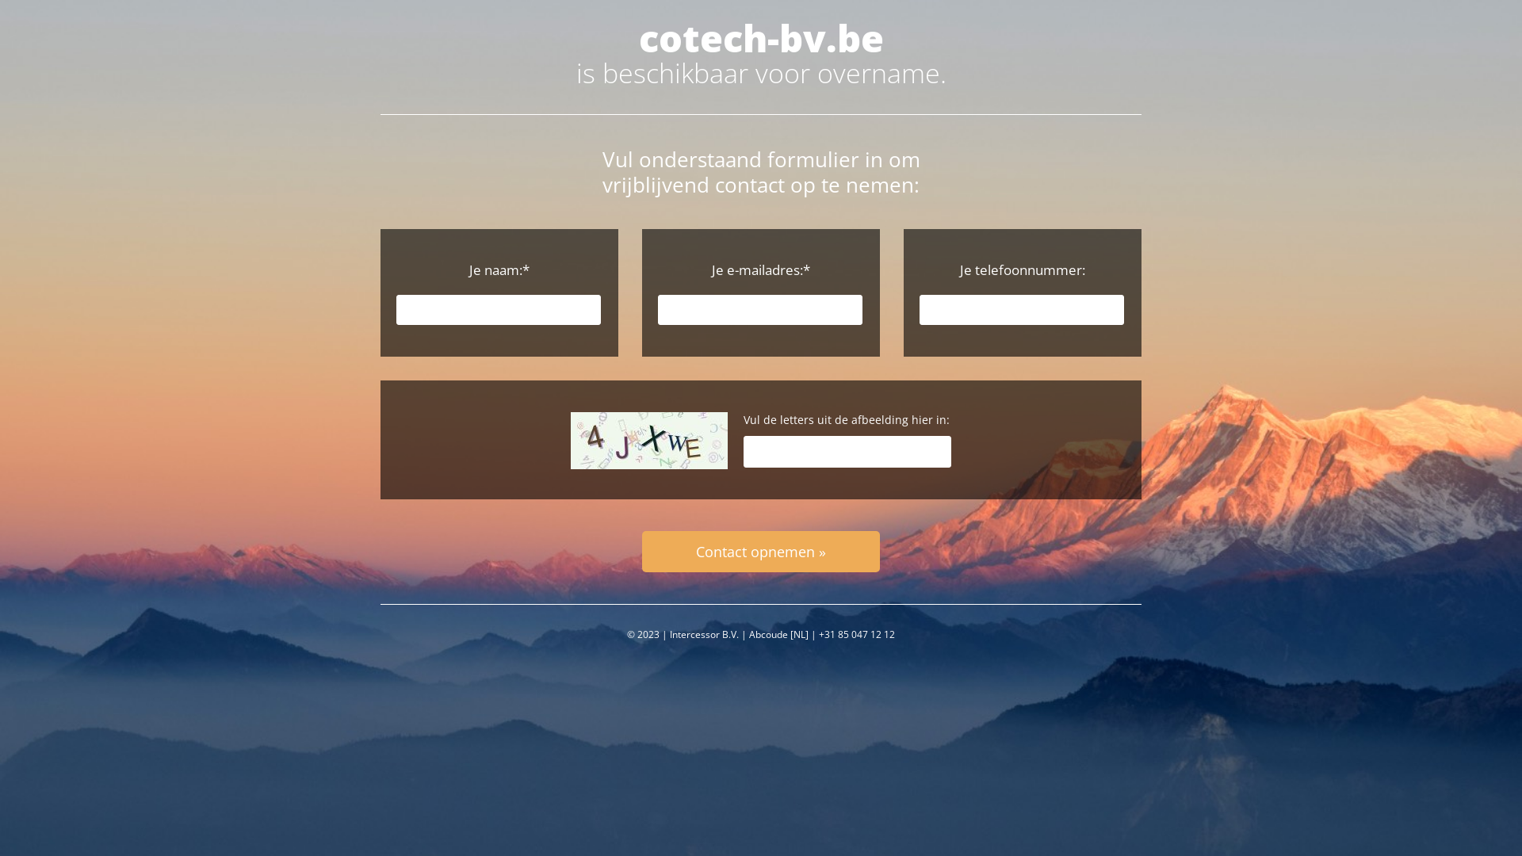  I want to click on 'No Bots allowed', so click(649, 440).